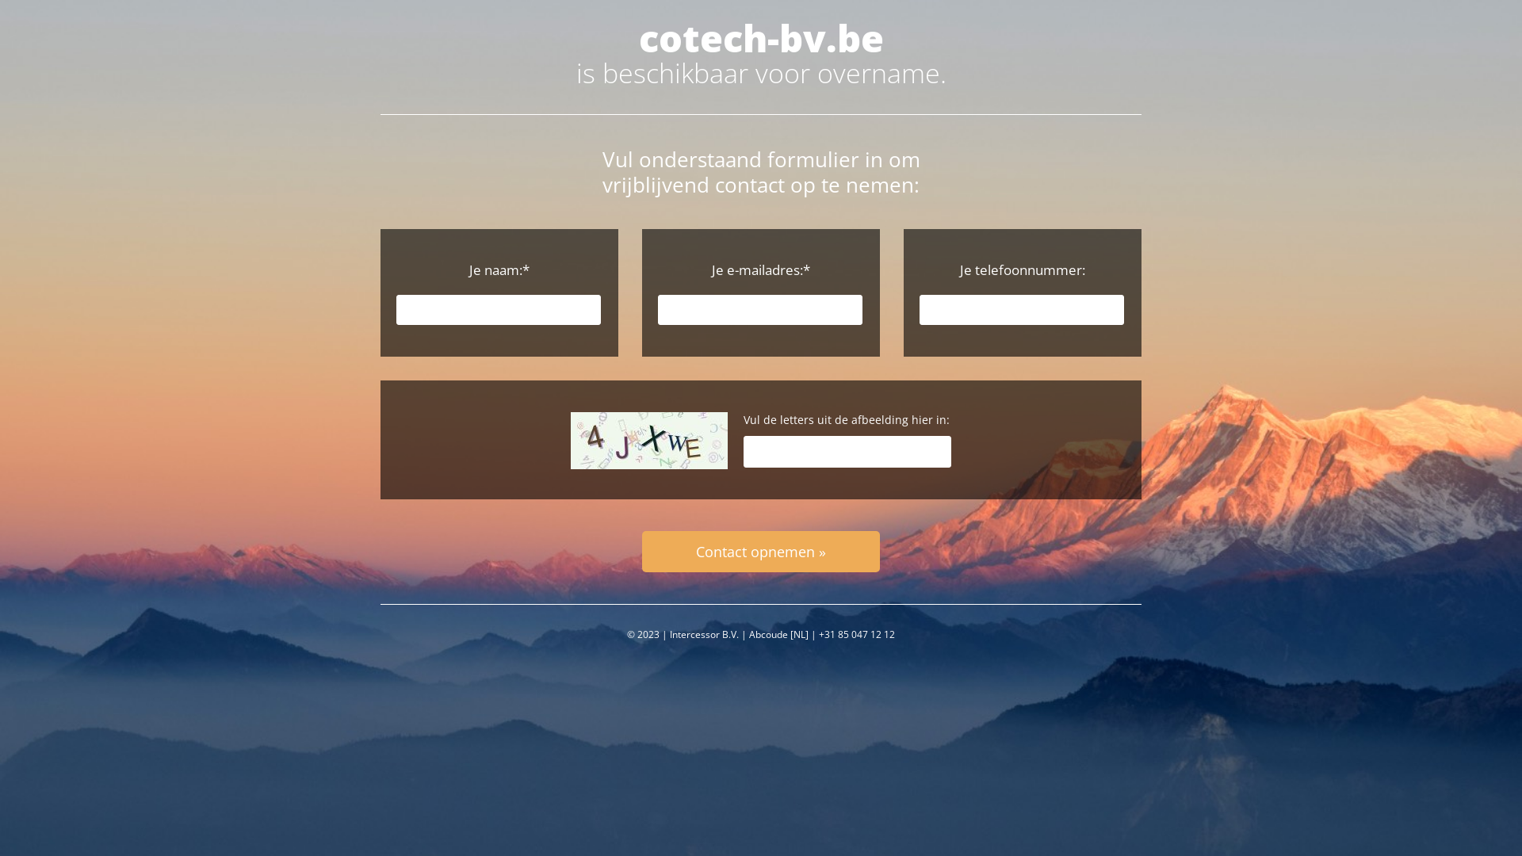  I want to click on 'No Bots allowed', so click(649, 440).